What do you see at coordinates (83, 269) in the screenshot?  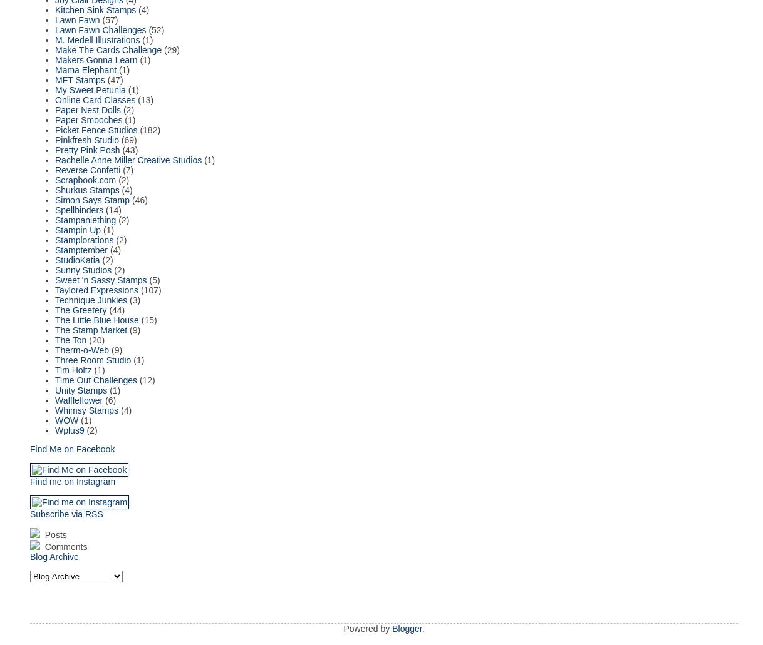 I see `'Sunny Studios'` at bounding box center [83, 269].